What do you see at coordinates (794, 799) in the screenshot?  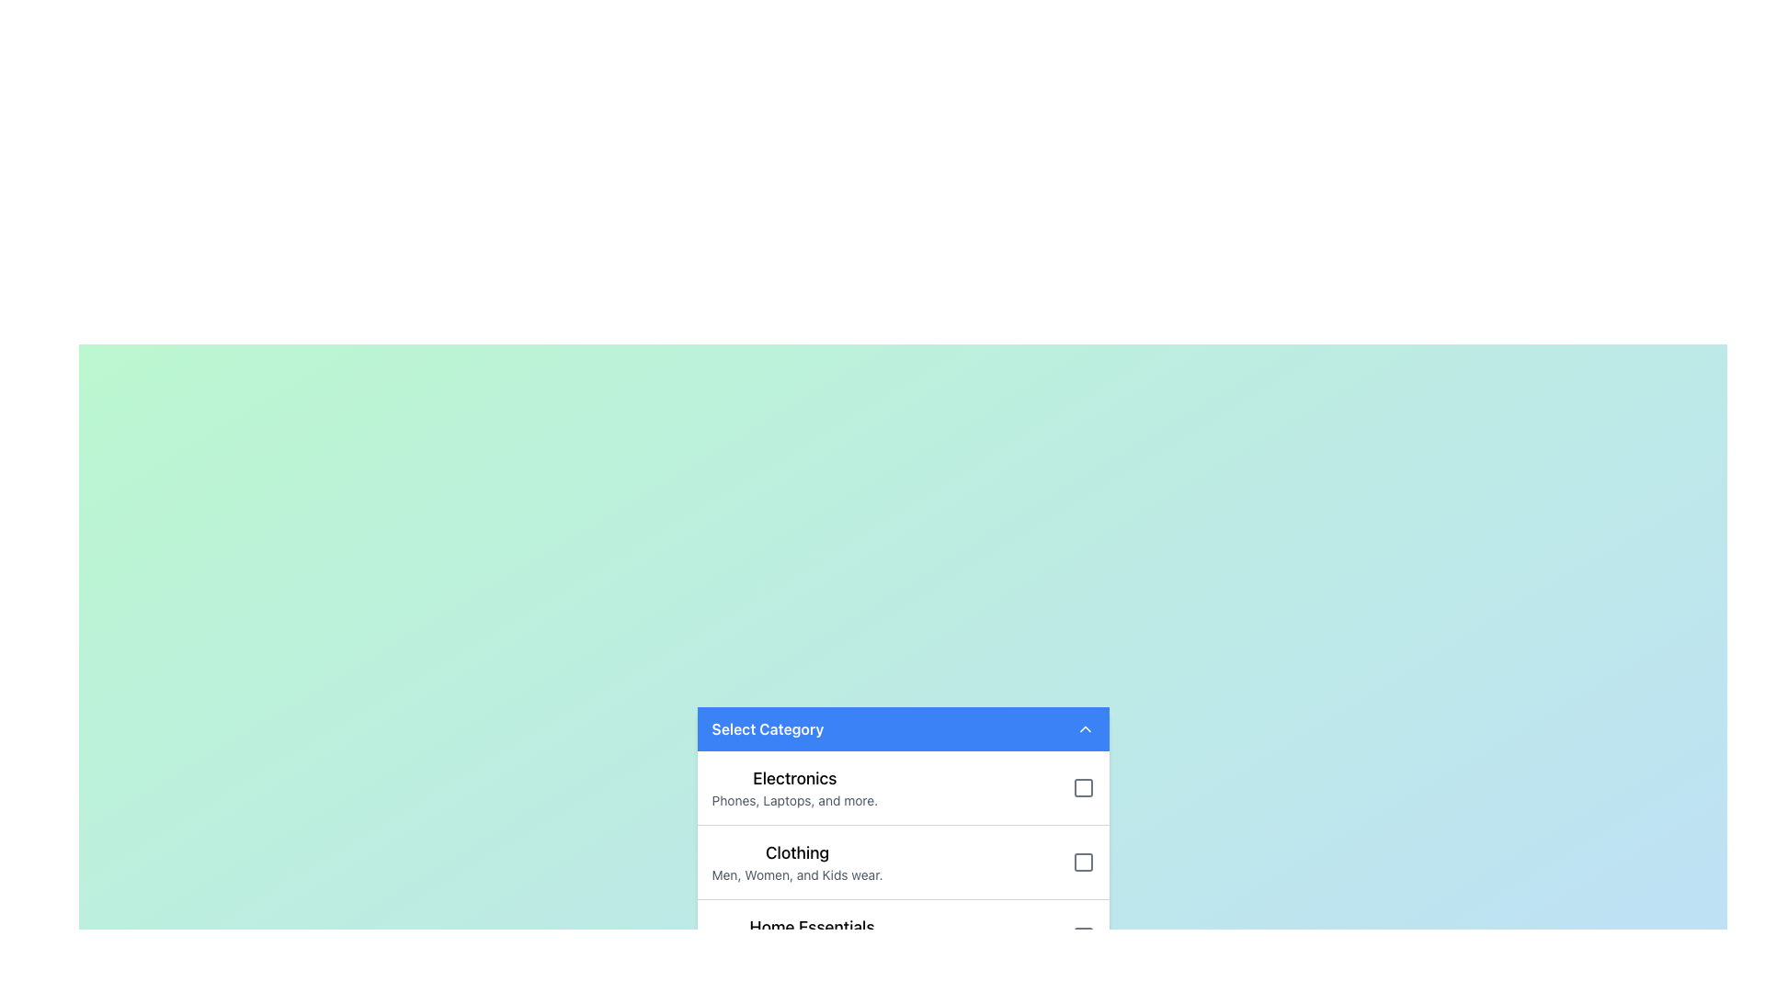 I see `descriptive text element located immediately below the 'Electronics' label in the category card` at bounding box center [794, 799].